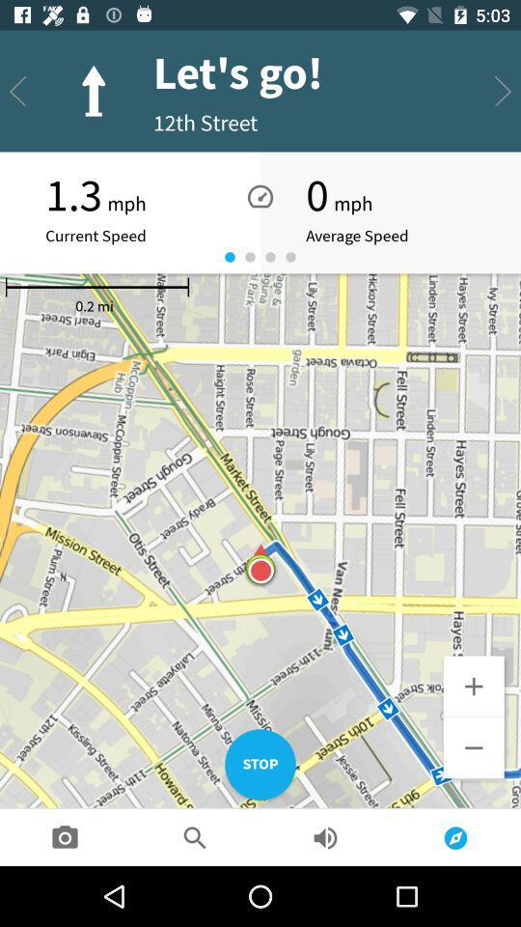  Describe the element at coordinates (260, 765) in the screenshot. I see `stop icon` at that location.